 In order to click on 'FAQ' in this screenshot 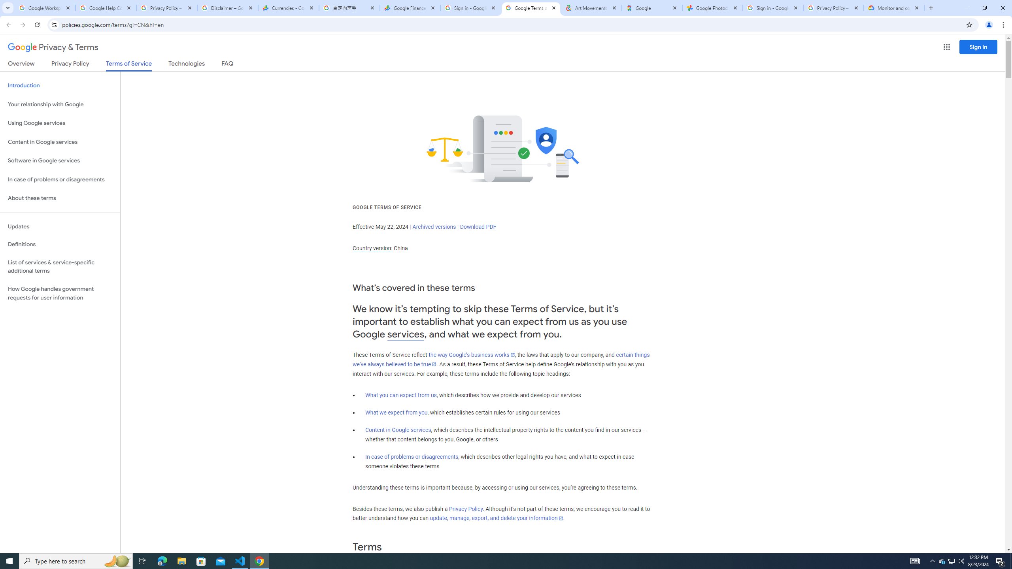, I will do `click(227, 65)`.